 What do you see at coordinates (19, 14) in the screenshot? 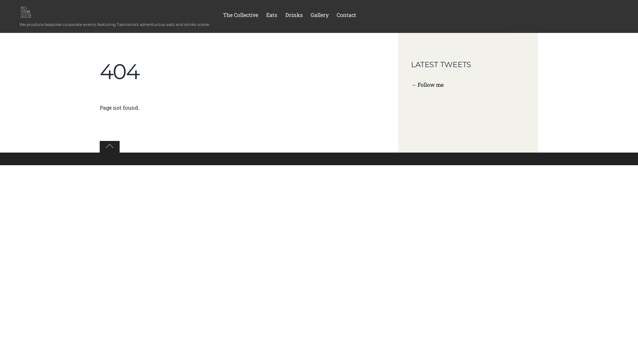
I see `'Food Beverage Collective'` at bounding box center [19, 14].